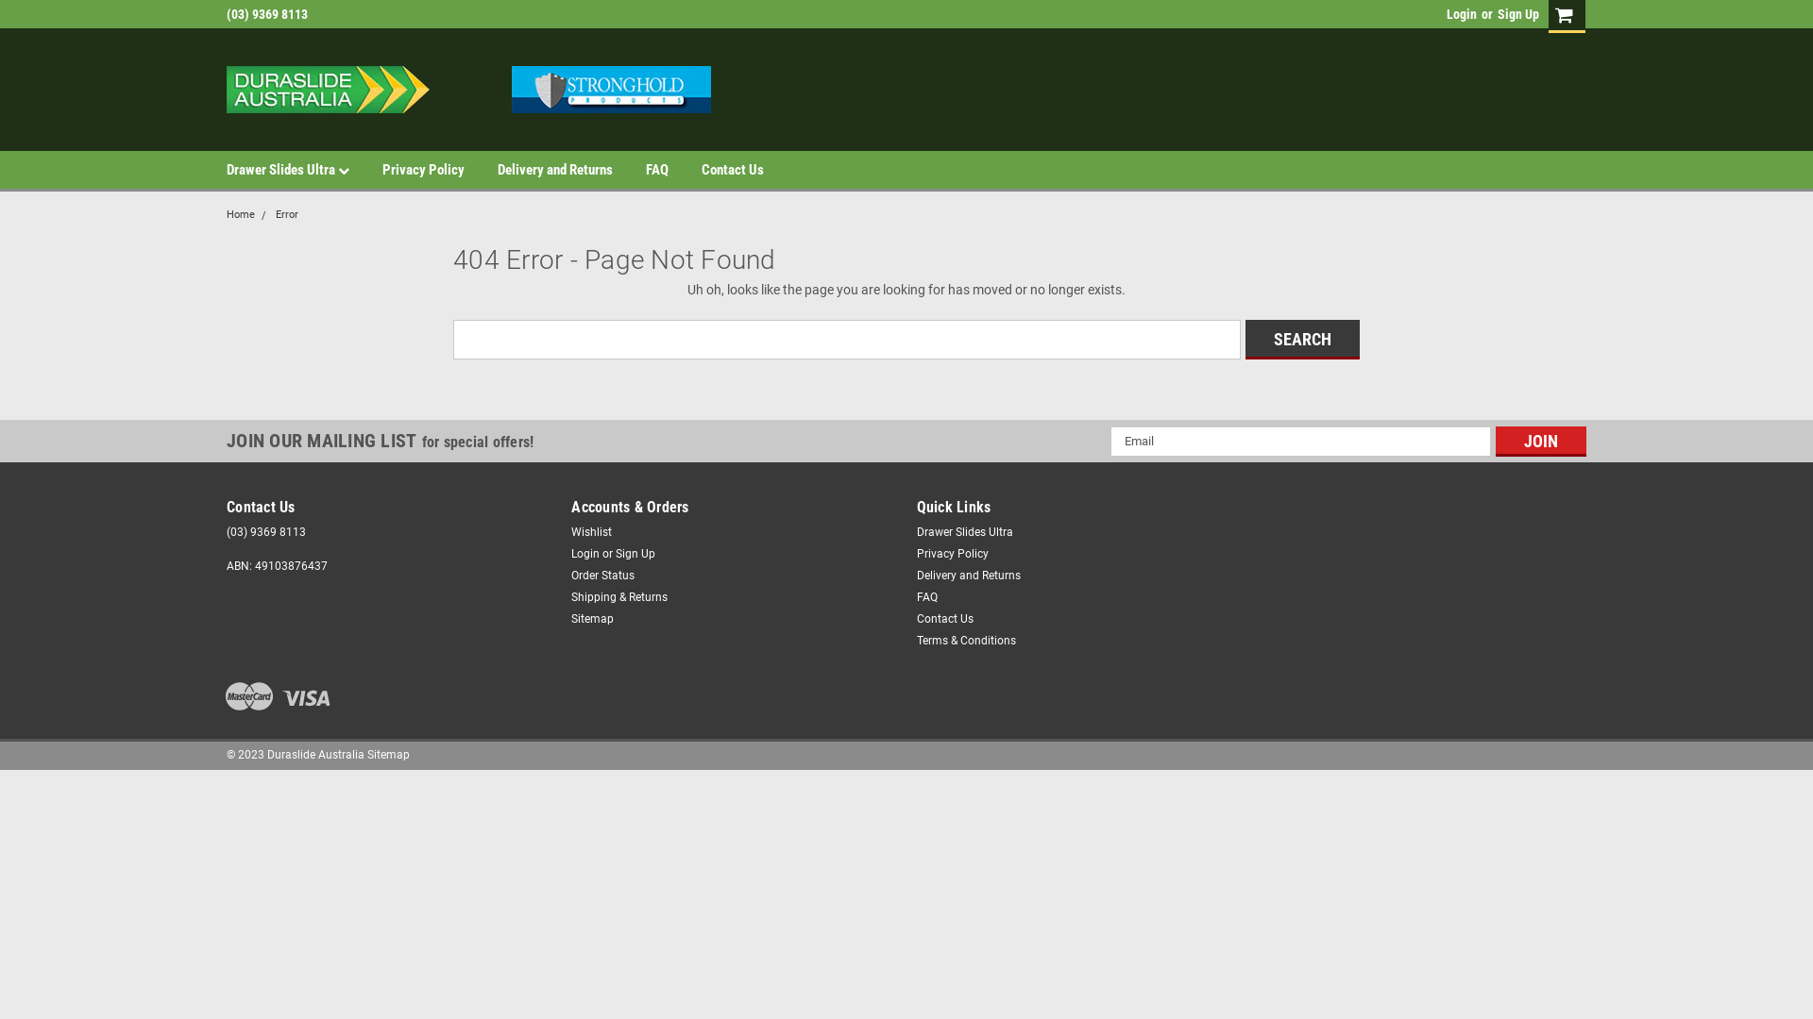  What do you see at coordinates (304, 170) in the screenshot?
I see `'Drawer Slides Ultra'` at bounding box center [304, 170].